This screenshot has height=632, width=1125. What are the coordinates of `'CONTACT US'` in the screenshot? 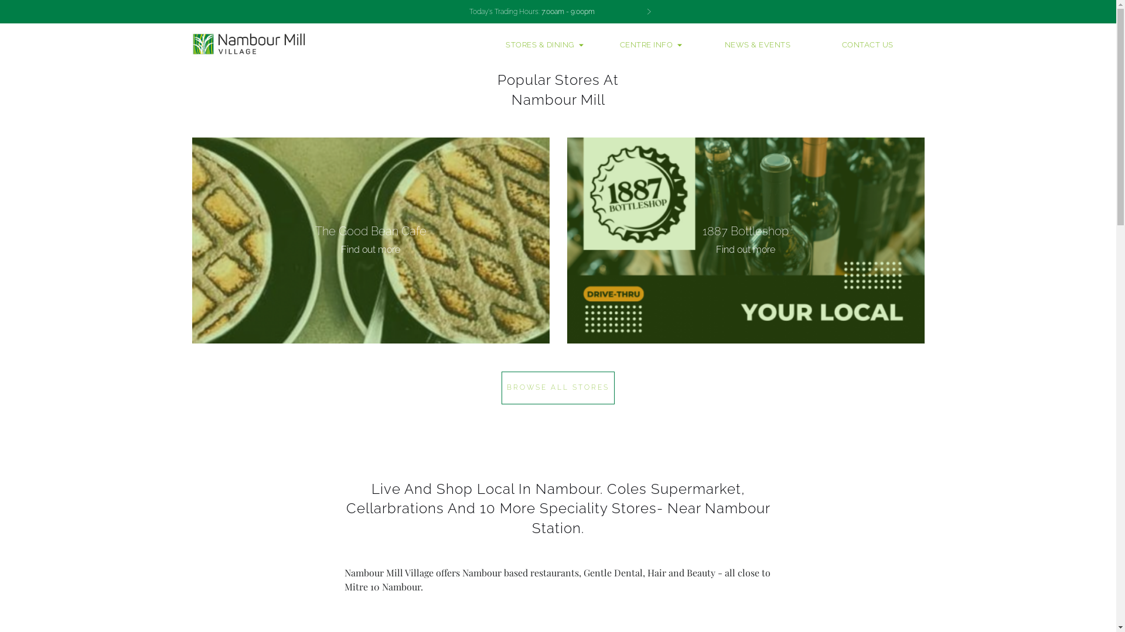 It's located at (868, 44).